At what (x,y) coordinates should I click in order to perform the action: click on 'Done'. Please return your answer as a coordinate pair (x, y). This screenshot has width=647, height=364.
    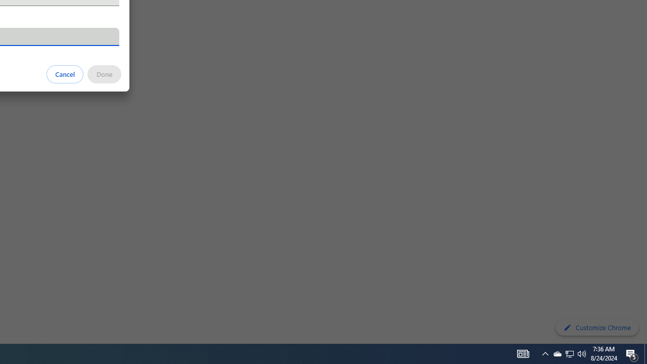
    Looking at the image, I should click on (104, 73).